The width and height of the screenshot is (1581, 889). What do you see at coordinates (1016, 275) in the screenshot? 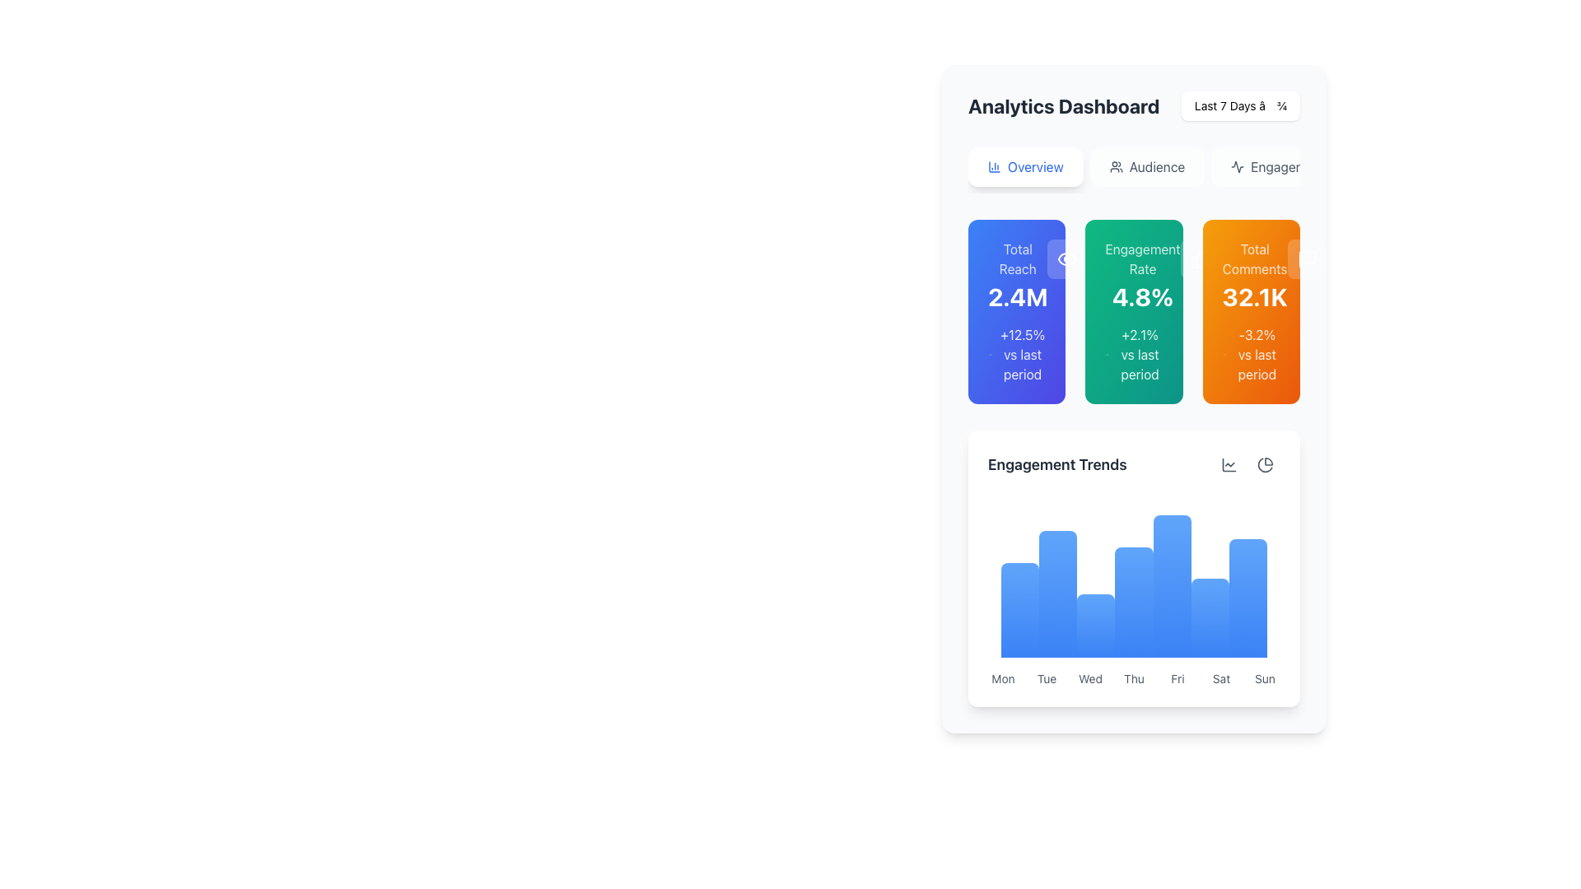
I see `the 'Total Reach' text element which displays '2.4M' in a card located in the first column of the dashboard, positioned against a gradient blue background` at bounding box center [1016, 275].